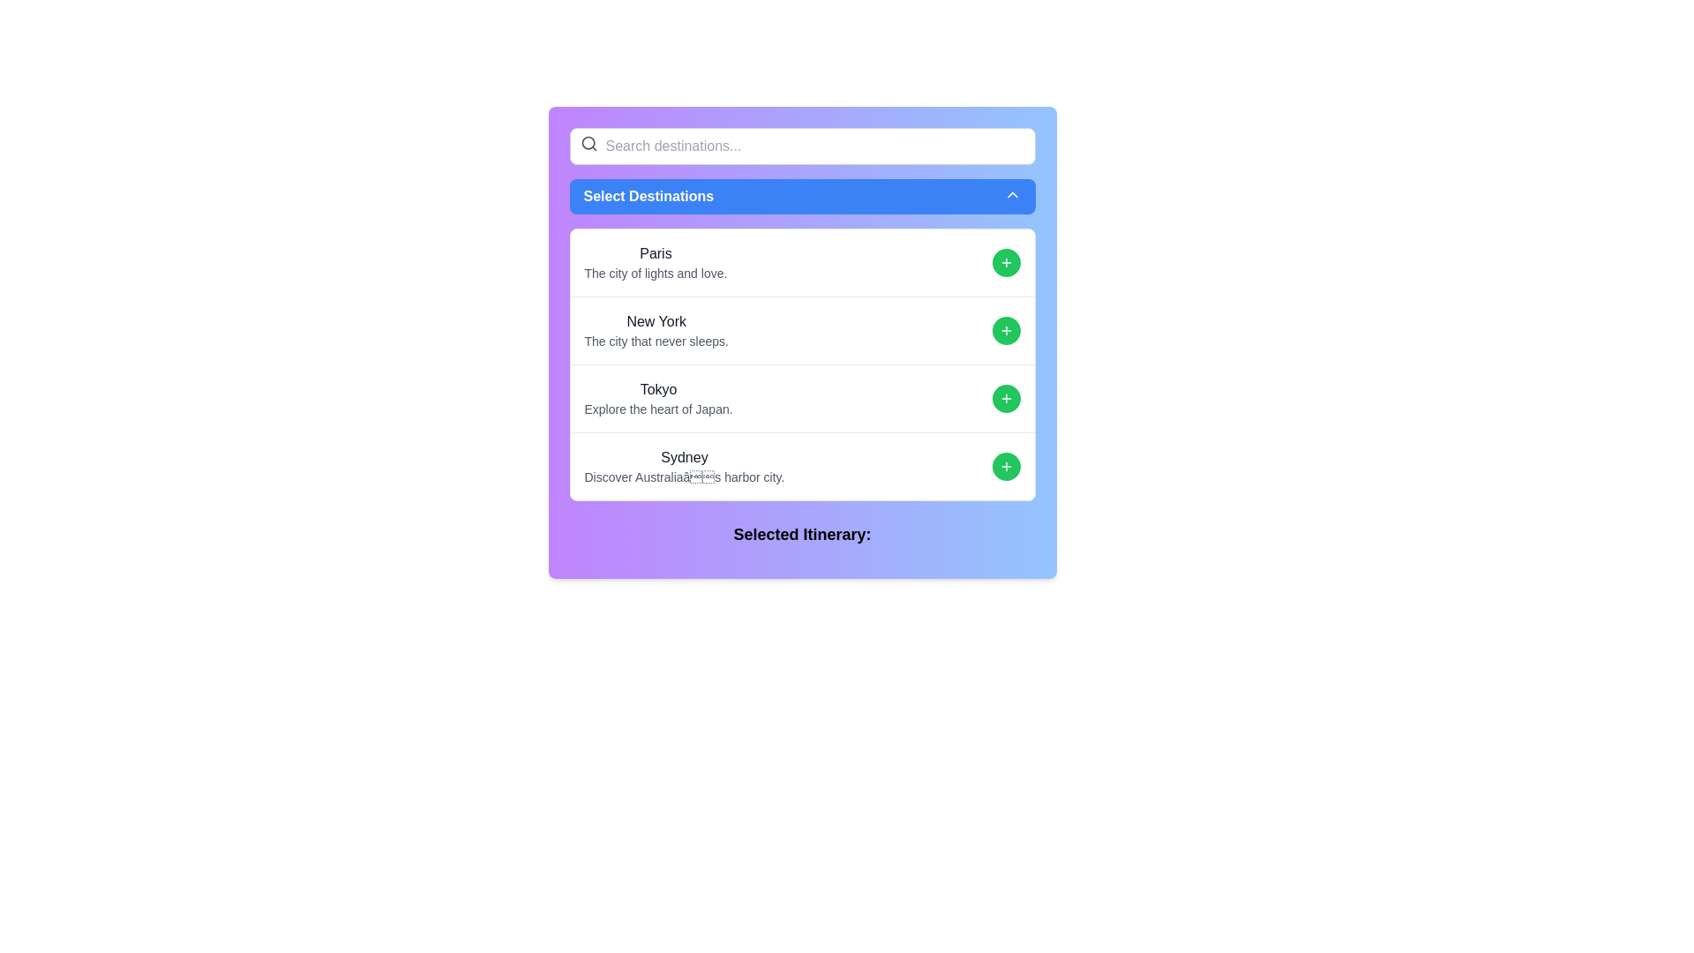 This screenshot has width=1694, height=953. I want to click on the search icon located at the top-left corner of the input field, which symbolizes the search functionality, so click(588, 142).